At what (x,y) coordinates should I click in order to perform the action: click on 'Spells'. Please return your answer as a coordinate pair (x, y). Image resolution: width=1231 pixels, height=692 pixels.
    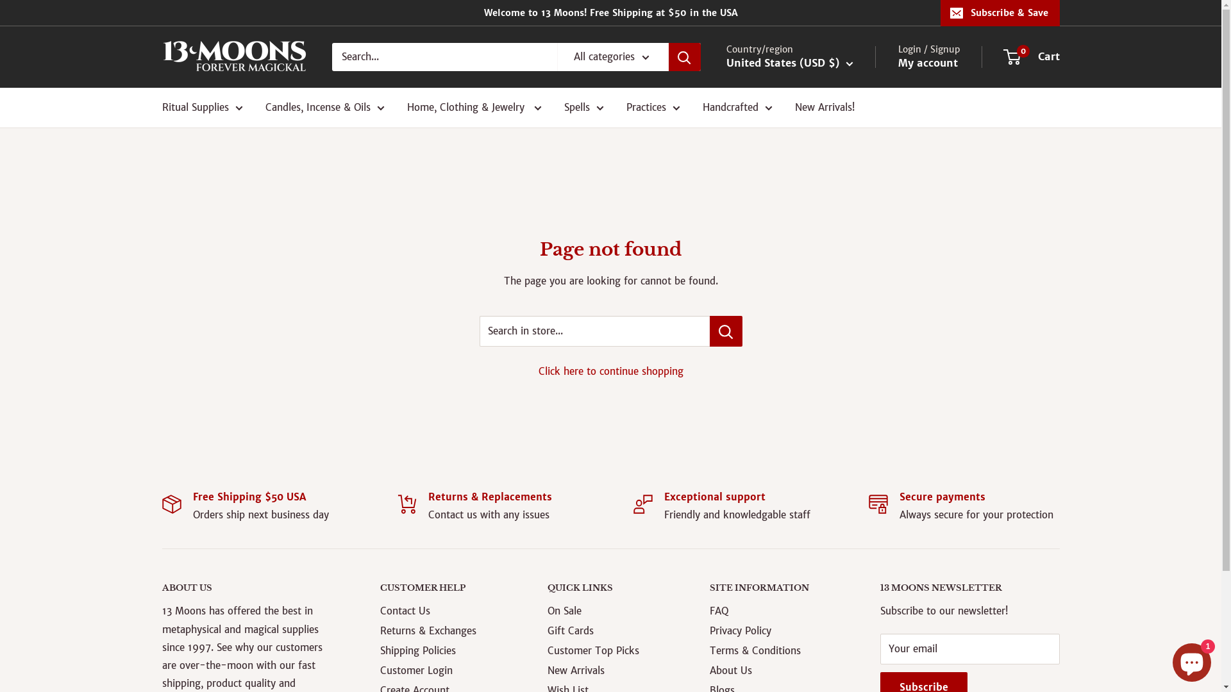
    Looking at the image, I should click on (583, 107).